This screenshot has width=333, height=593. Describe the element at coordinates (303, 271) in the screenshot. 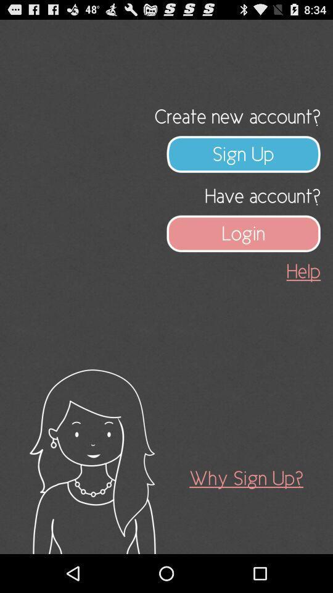

I see `the help item` at that location.